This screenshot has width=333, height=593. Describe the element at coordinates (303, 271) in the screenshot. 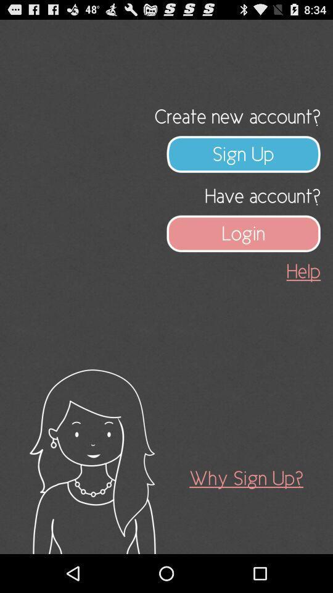

I see `the help item` at that location.